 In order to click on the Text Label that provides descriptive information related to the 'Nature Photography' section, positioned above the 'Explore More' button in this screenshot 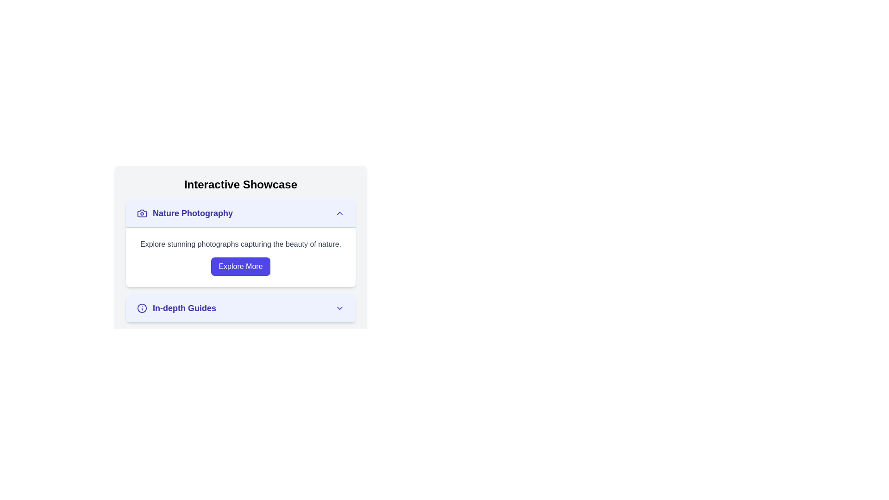, I will do `click(240, 244)`.